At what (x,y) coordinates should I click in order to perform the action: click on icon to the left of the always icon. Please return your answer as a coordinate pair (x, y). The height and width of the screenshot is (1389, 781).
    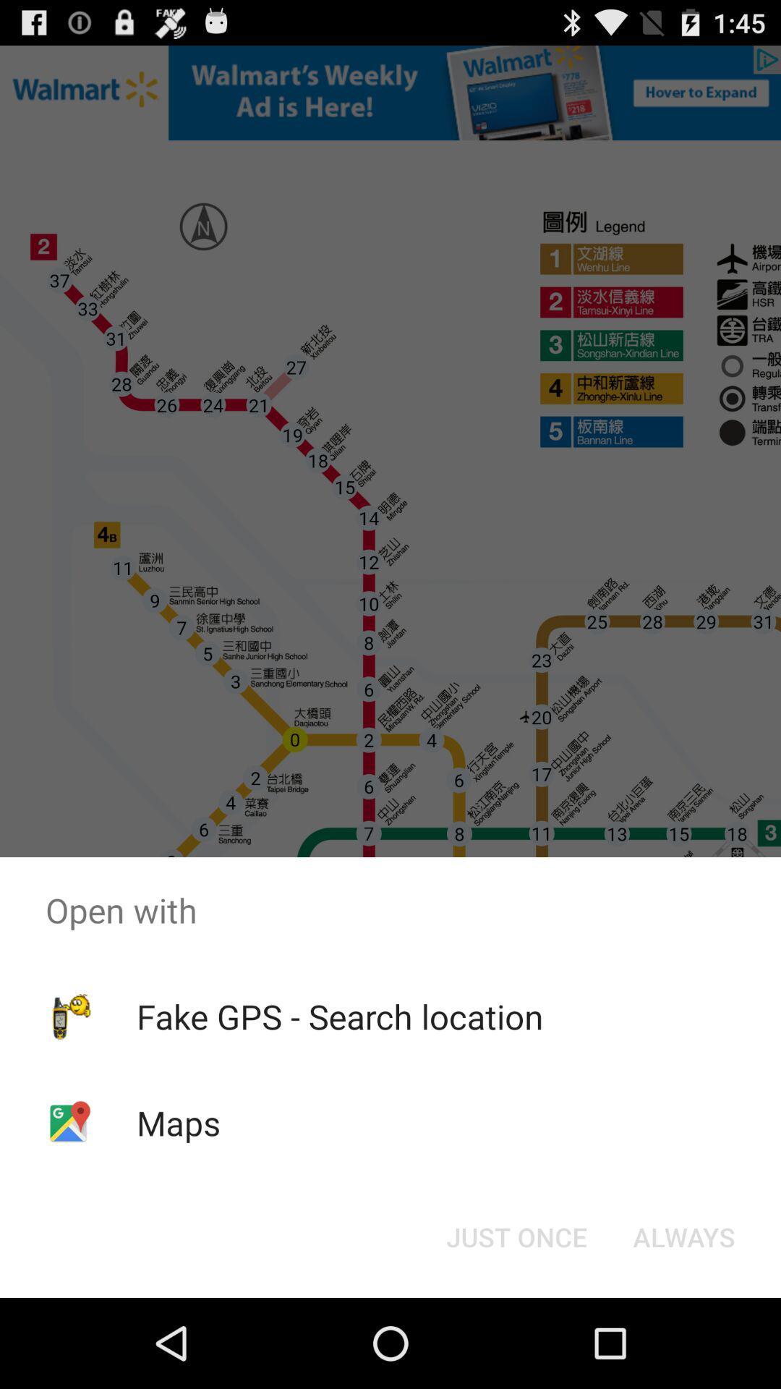
    Looking at the image, I should click on (516, 1236).